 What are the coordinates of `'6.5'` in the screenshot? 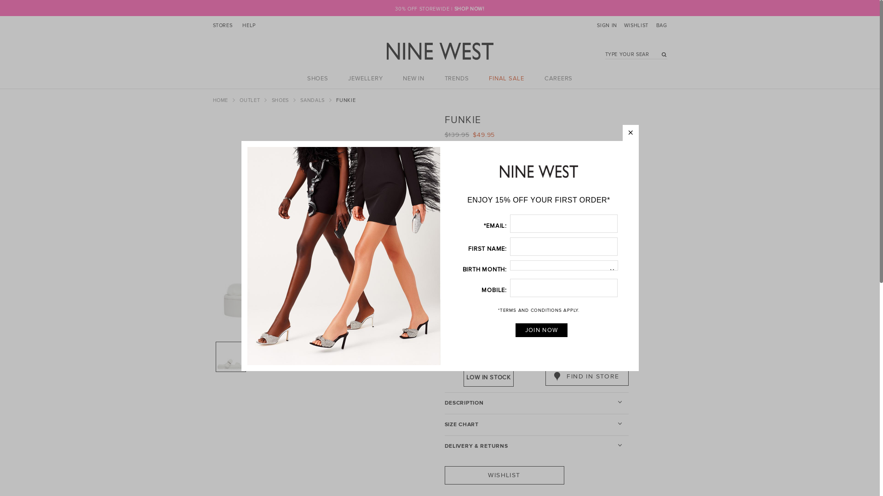 It's located at (545, 225).